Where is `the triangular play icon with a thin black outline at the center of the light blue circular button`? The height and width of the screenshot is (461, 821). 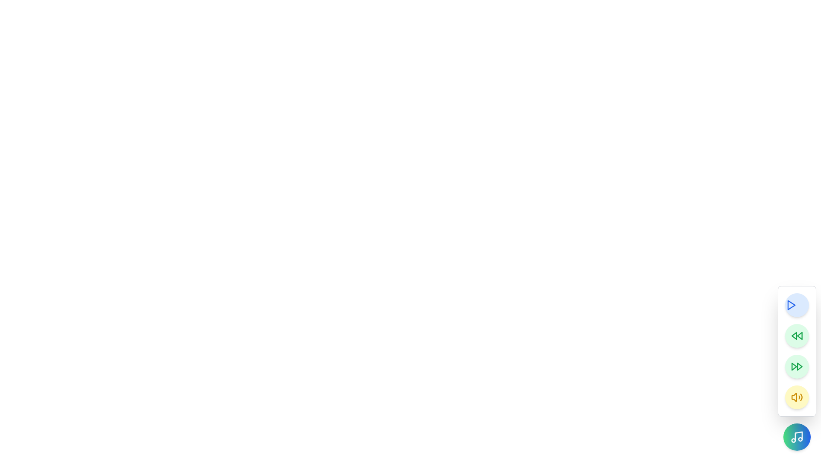 the triangular play icon with a thin black outline at the center of the light blue circular button is located at coordinates (790, 304).